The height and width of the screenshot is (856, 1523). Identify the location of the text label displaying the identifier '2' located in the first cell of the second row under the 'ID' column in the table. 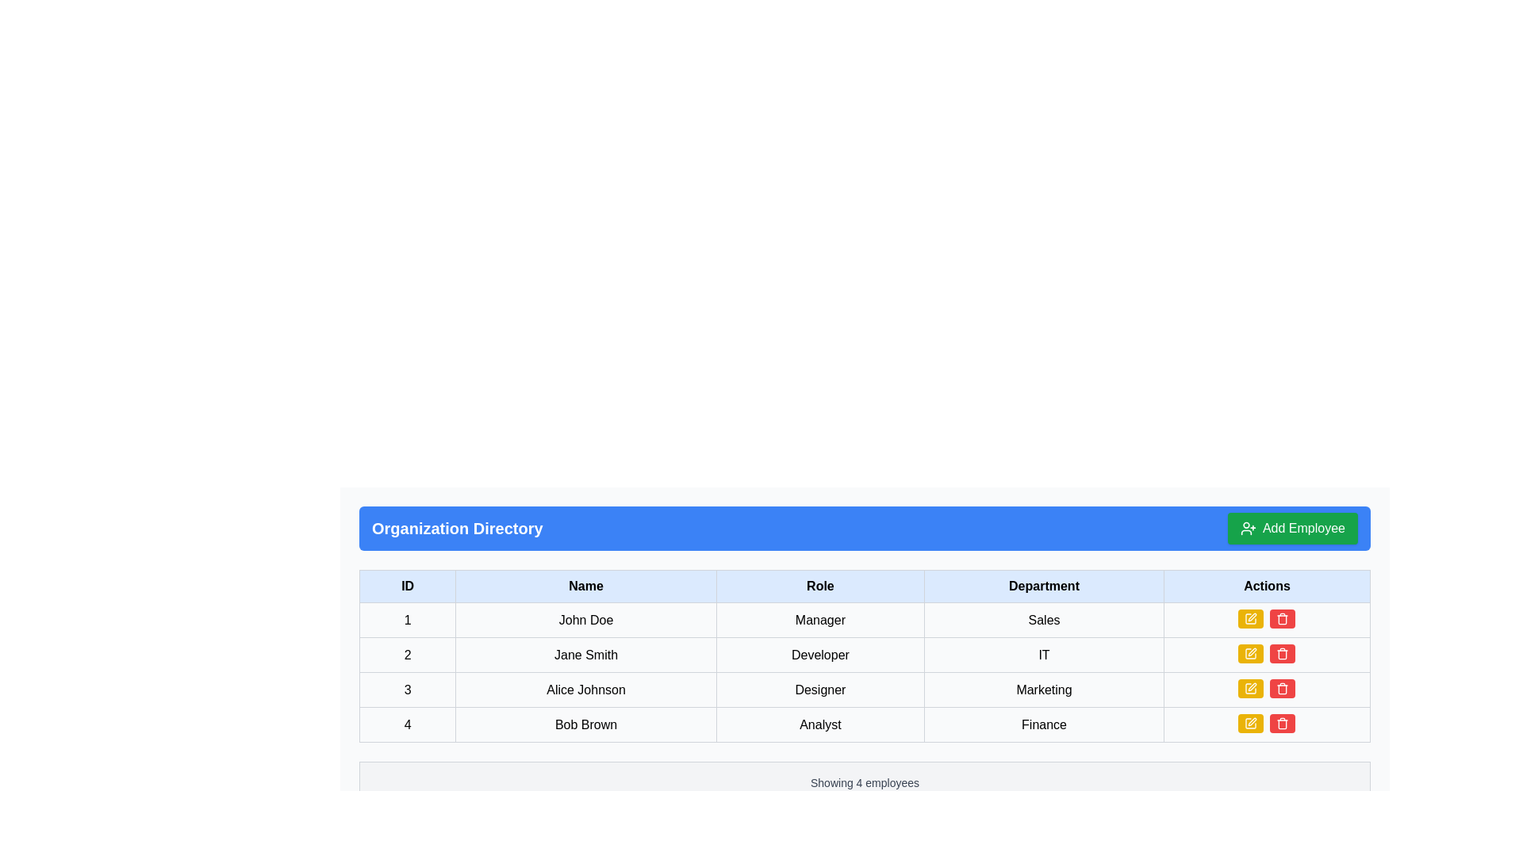
(408, 655).